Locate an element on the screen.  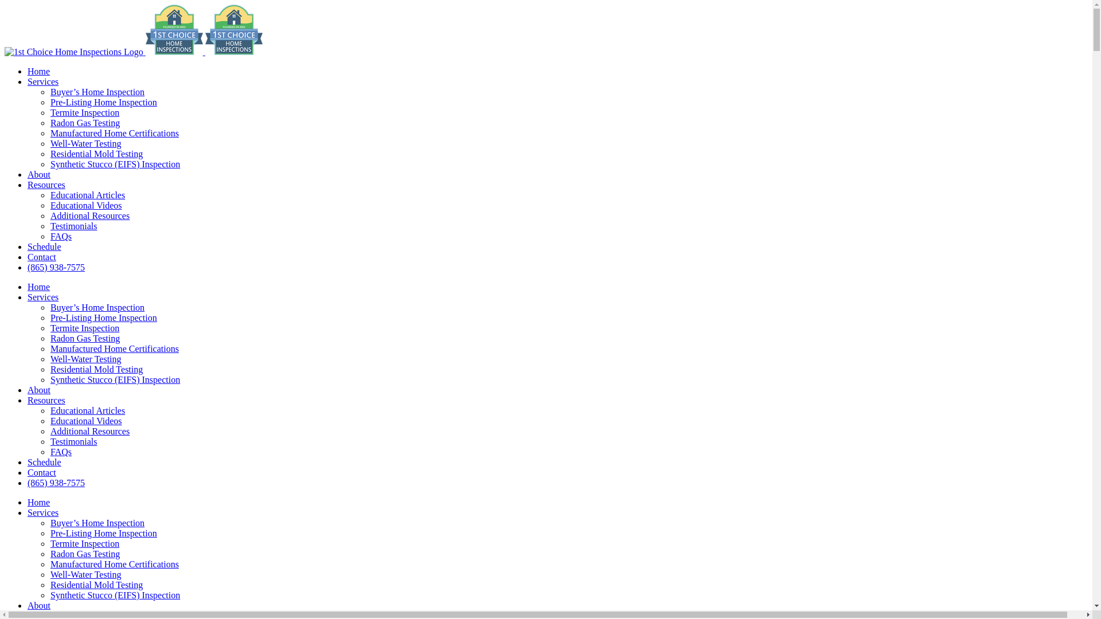
'Manufactured Home Certifications' is located at coordinates (49, 132).